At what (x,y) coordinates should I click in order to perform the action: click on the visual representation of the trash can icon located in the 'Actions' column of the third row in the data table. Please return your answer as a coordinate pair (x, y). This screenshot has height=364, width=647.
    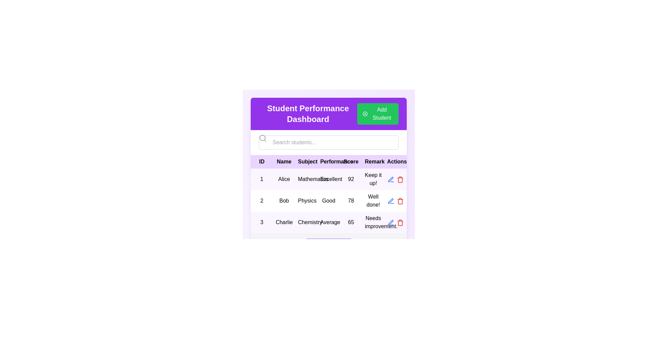
    Looking at the image, I should click on (400, 180).